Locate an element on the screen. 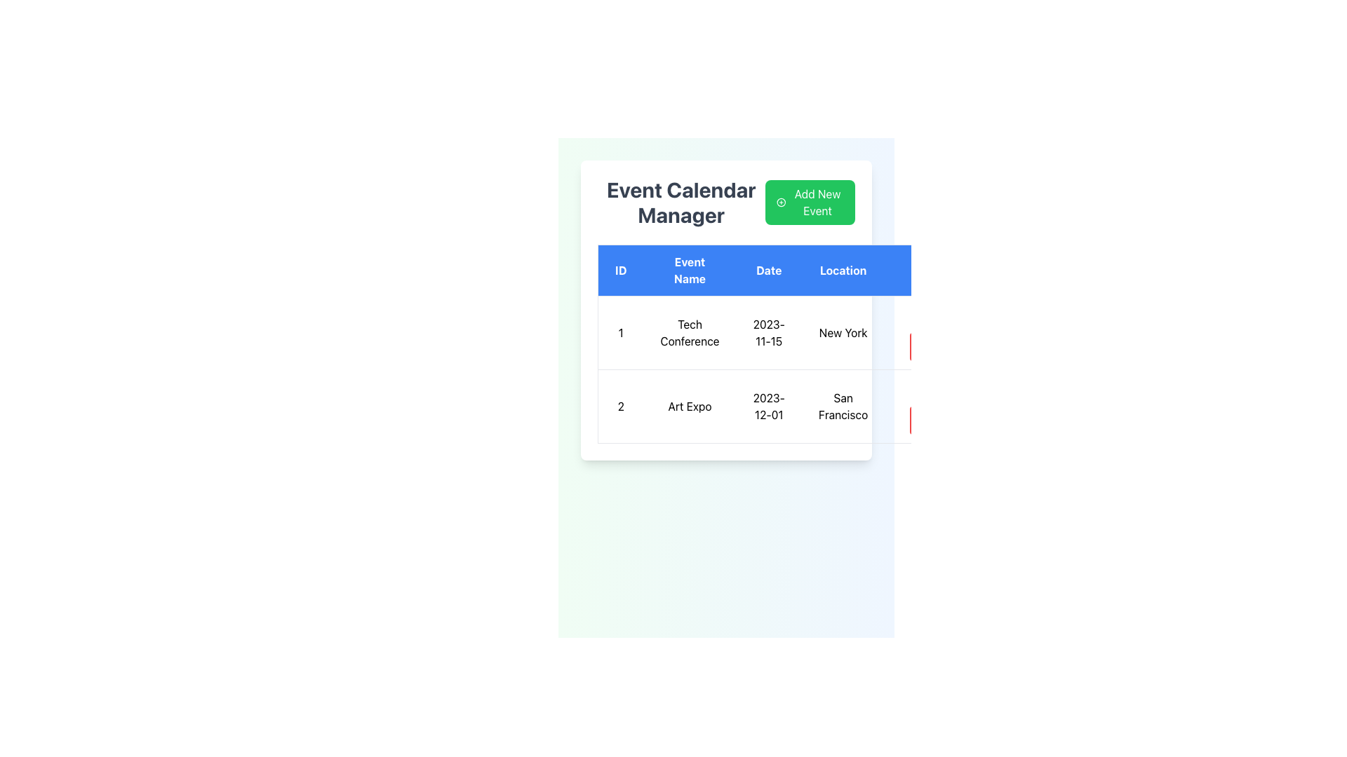 This screenshot has height=757, width=1347. the 'Location' text label in the fourth column header of the table, which has a blue background and white text is located at coordinates (843, 270).